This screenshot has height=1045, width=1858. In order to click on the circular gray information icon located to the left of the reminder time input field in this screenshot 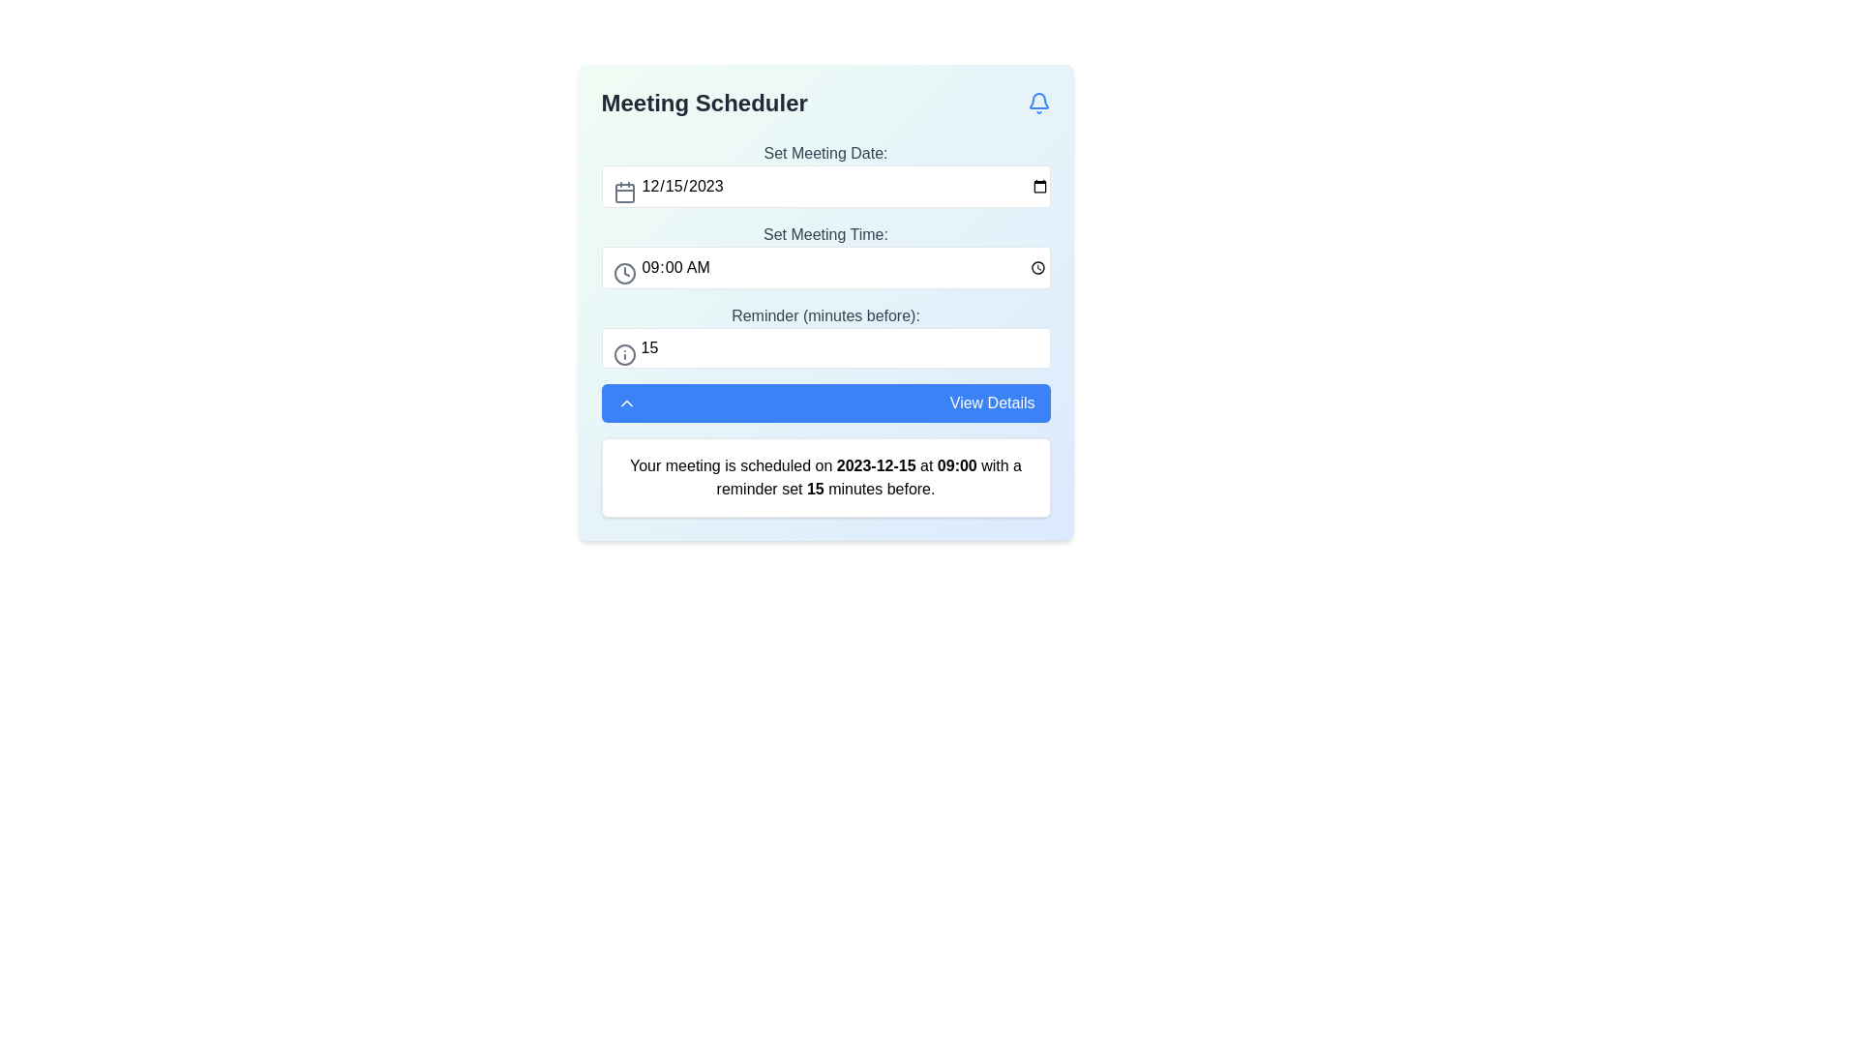, I will do `click(624, 354)`.